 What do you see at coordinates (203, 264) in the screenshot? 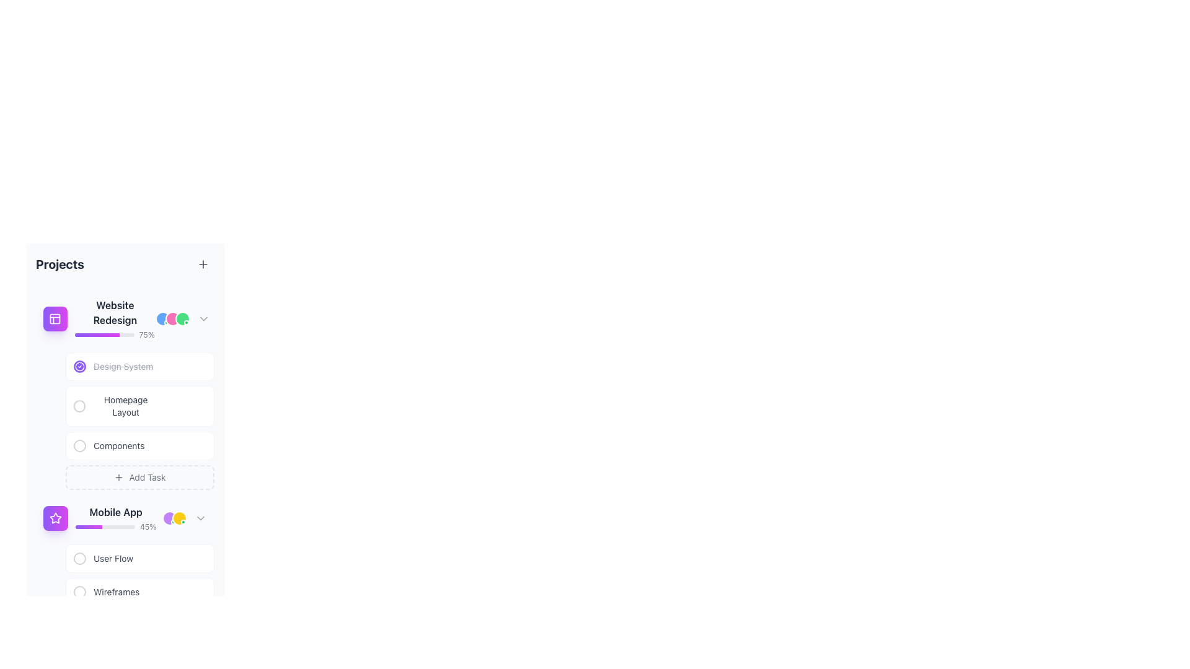
I see `the button with a plus-icon located in the top-right corner of the 'Projects' section to initiate adding a new item` at bounding box center [203, 264].